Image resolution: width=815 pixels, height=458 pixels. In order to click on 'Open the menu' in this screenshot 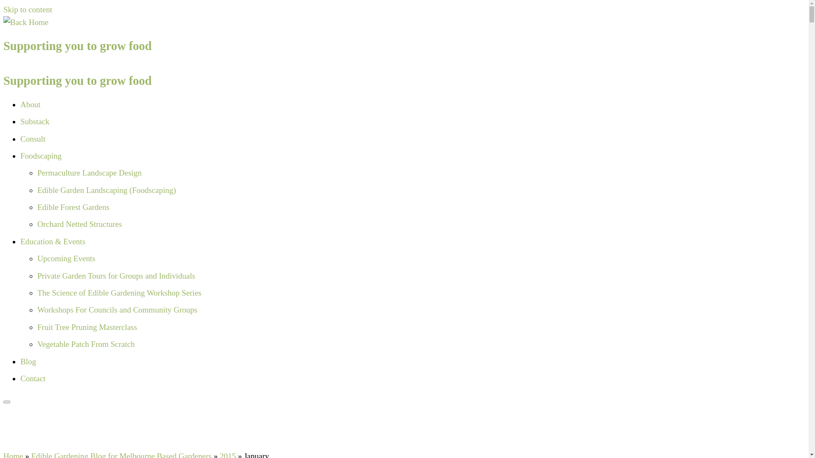, I will do `click(6, 402)`.